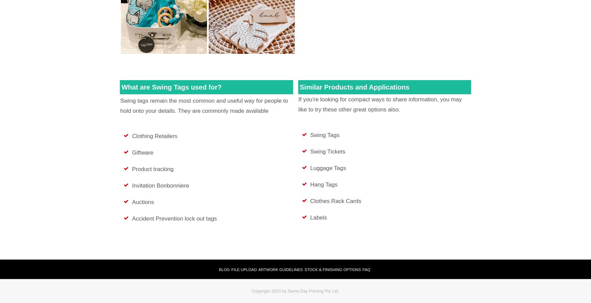 The height and width of the screenshot is (303, 591). What do you see at coordinates (160, 185) in the screenshot?
I see `'Invitation Bonbonniere'` at bounding box center [160, 185].